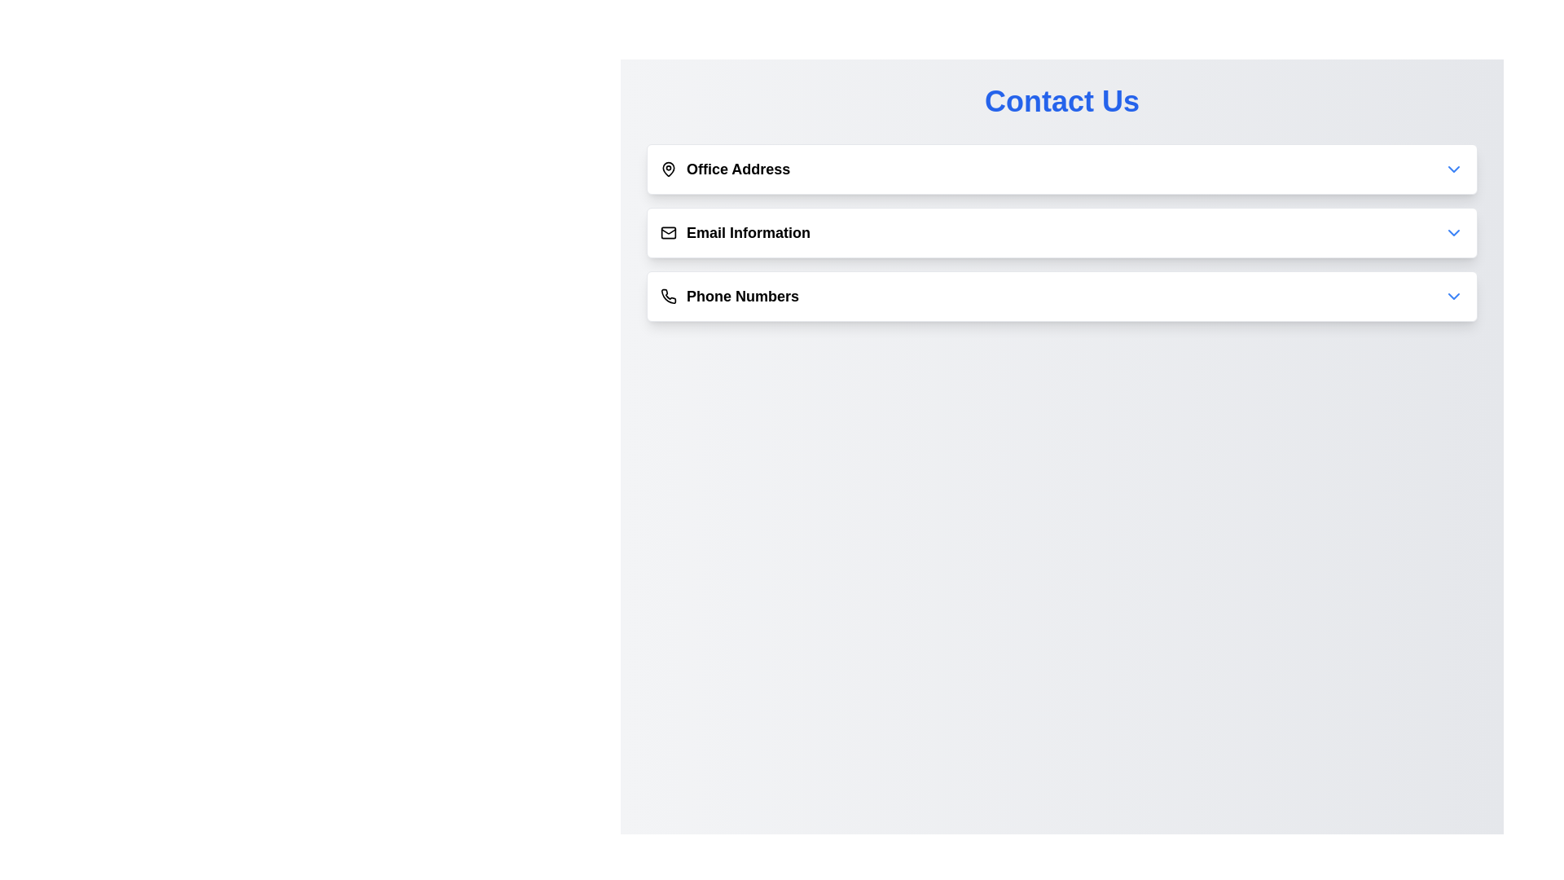 This screenshot has height=880, width=1564. What do you see at coordinates (734, 232) in the screenshot?
I see `the second label with an icon under the 'Contact Us' header` at bounding box center [734, 232].